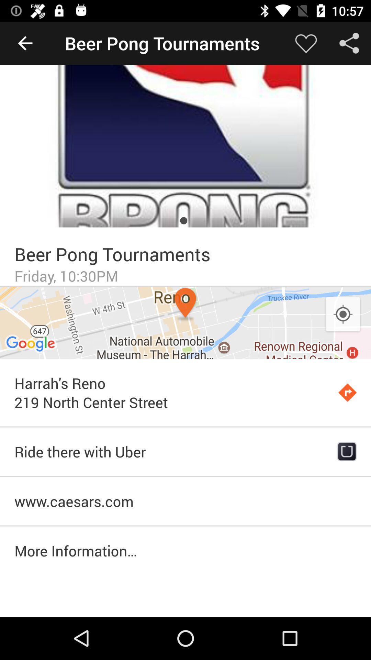 This screenshot has width=371, height=660. Describe the element at coordinates (185, 501) in the screenshot. I see `the www.caesars.com icon` at that location.